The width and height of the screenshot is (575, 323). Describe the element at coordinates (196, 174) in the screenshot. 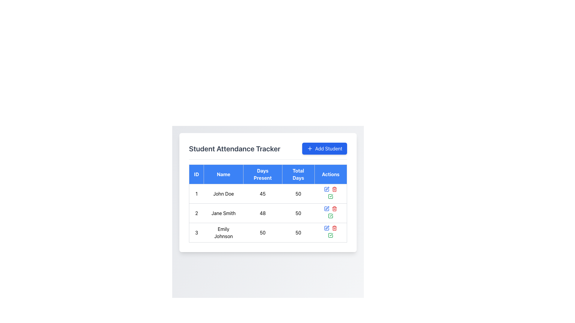

I see `the blue rectangular column header labeled 'ID' at the far left of the table` at that location.